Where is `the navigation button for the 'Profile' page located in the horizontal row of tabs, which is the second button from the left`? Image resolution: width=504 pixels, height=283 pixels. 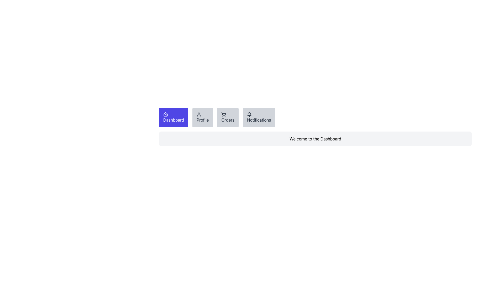 the navigation button for the 'Profile' page located in the horizontal row of tabs, which is the second button from the left is located at coordinates (202, 117).